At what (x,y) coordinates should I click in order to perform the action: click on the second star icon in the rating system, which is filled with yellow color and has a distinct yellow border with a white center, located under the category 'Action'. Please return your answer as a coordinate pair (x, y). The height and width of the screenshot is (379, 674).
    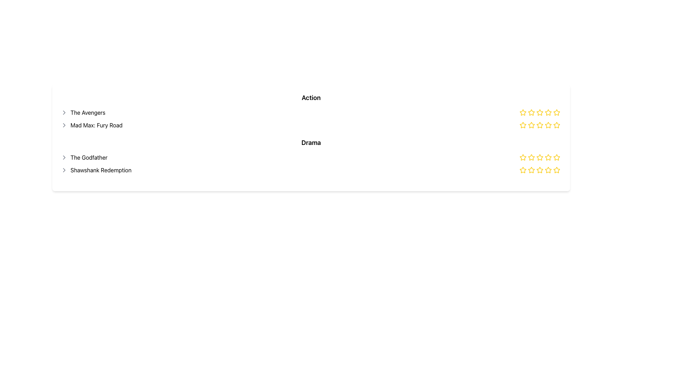
    Looking at the image, I should click on (531, 112).